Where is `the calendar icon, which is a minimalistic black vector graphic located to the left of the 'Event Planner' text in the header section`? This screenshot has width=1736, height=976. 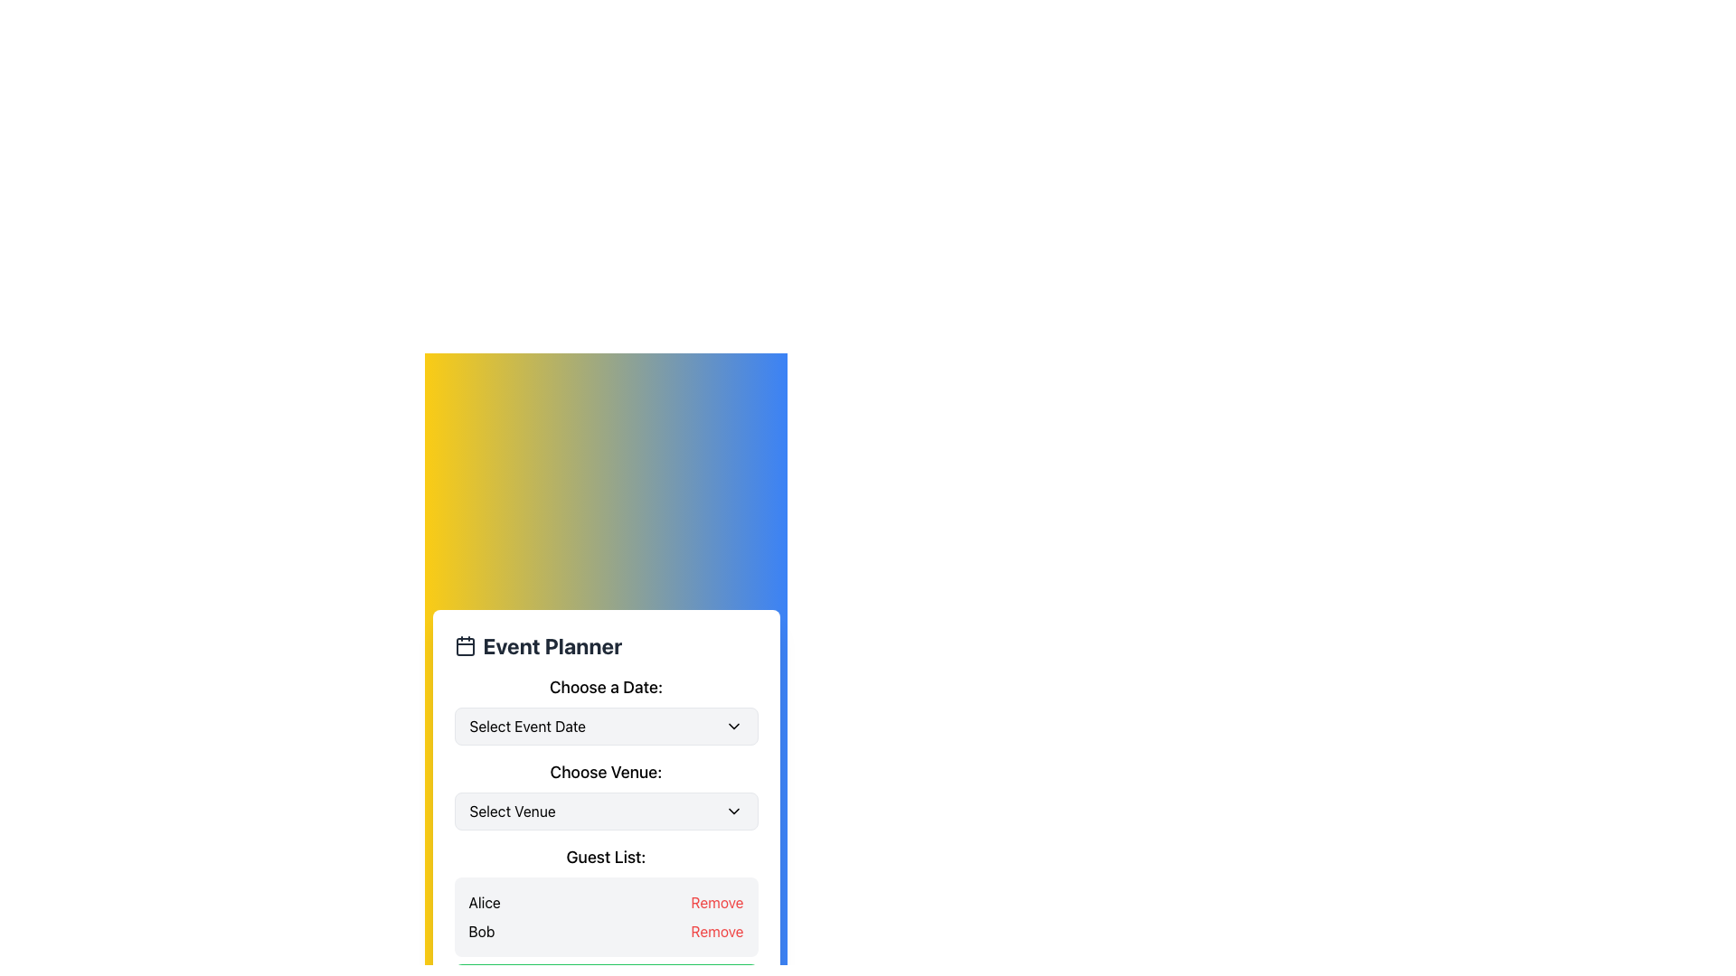 the calendar icon, which is a minimalistic black vector graphic located to the left of the 'Event Planner' text in the header section is located at coordinates (465, 644).